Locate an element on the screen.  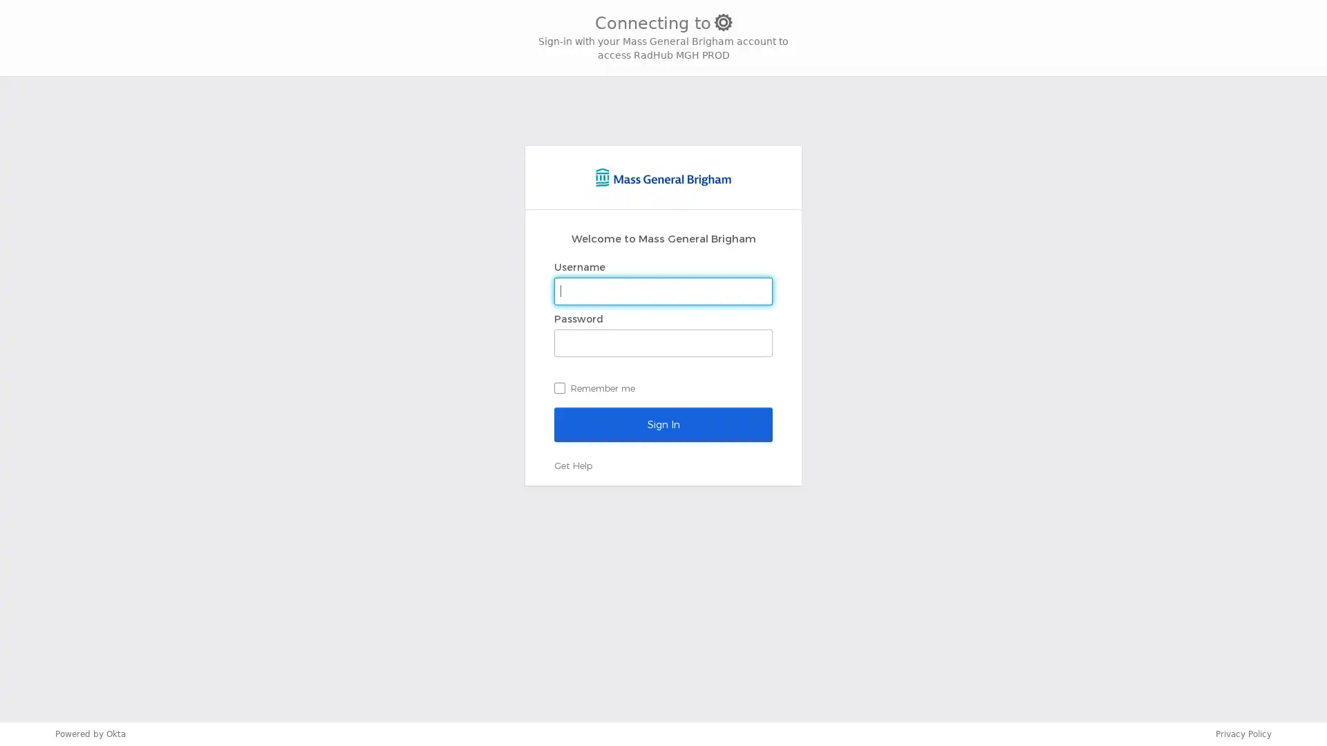
Sign In is located at coordinates (663, 423).